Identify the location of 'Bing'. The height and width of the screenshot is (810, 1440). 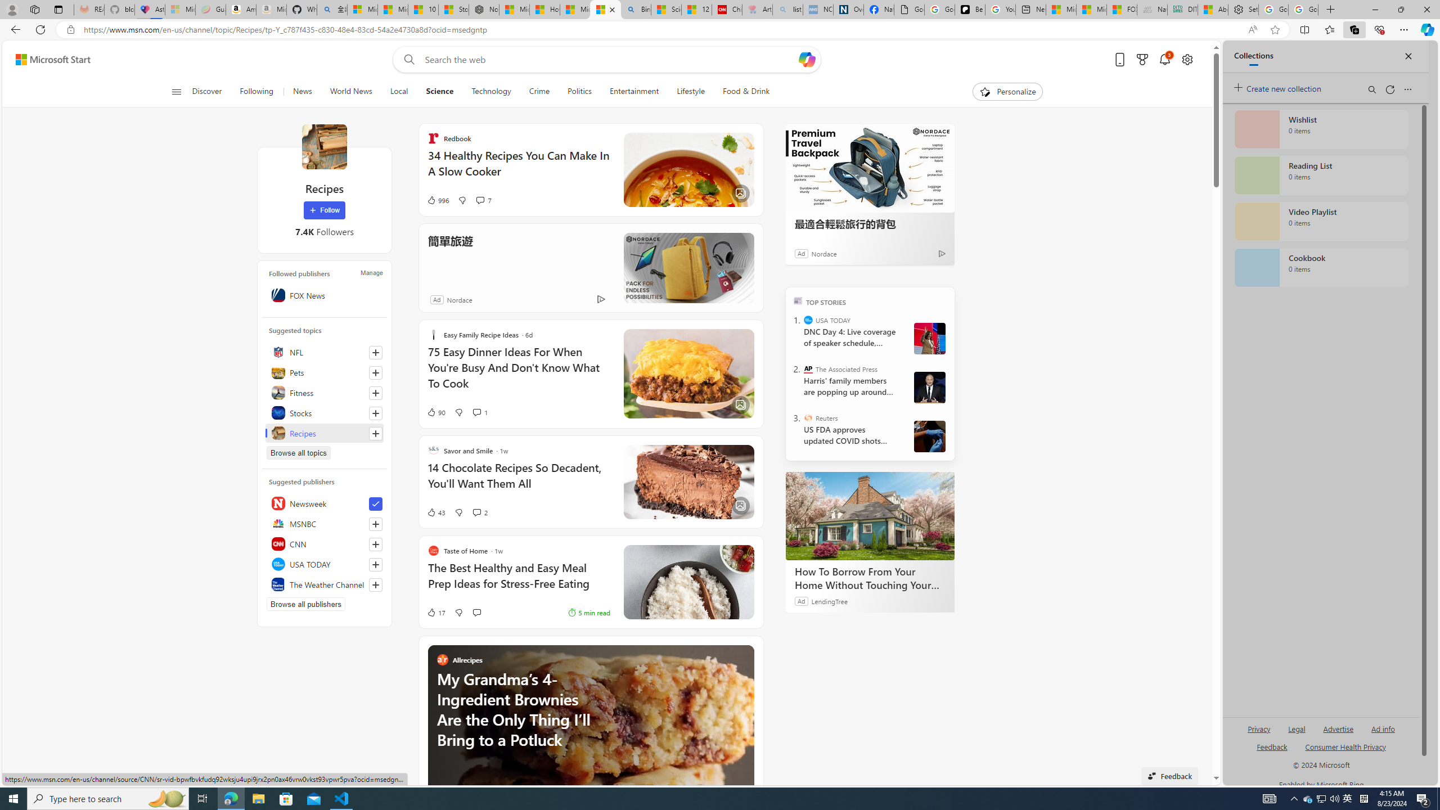
(635, 9).